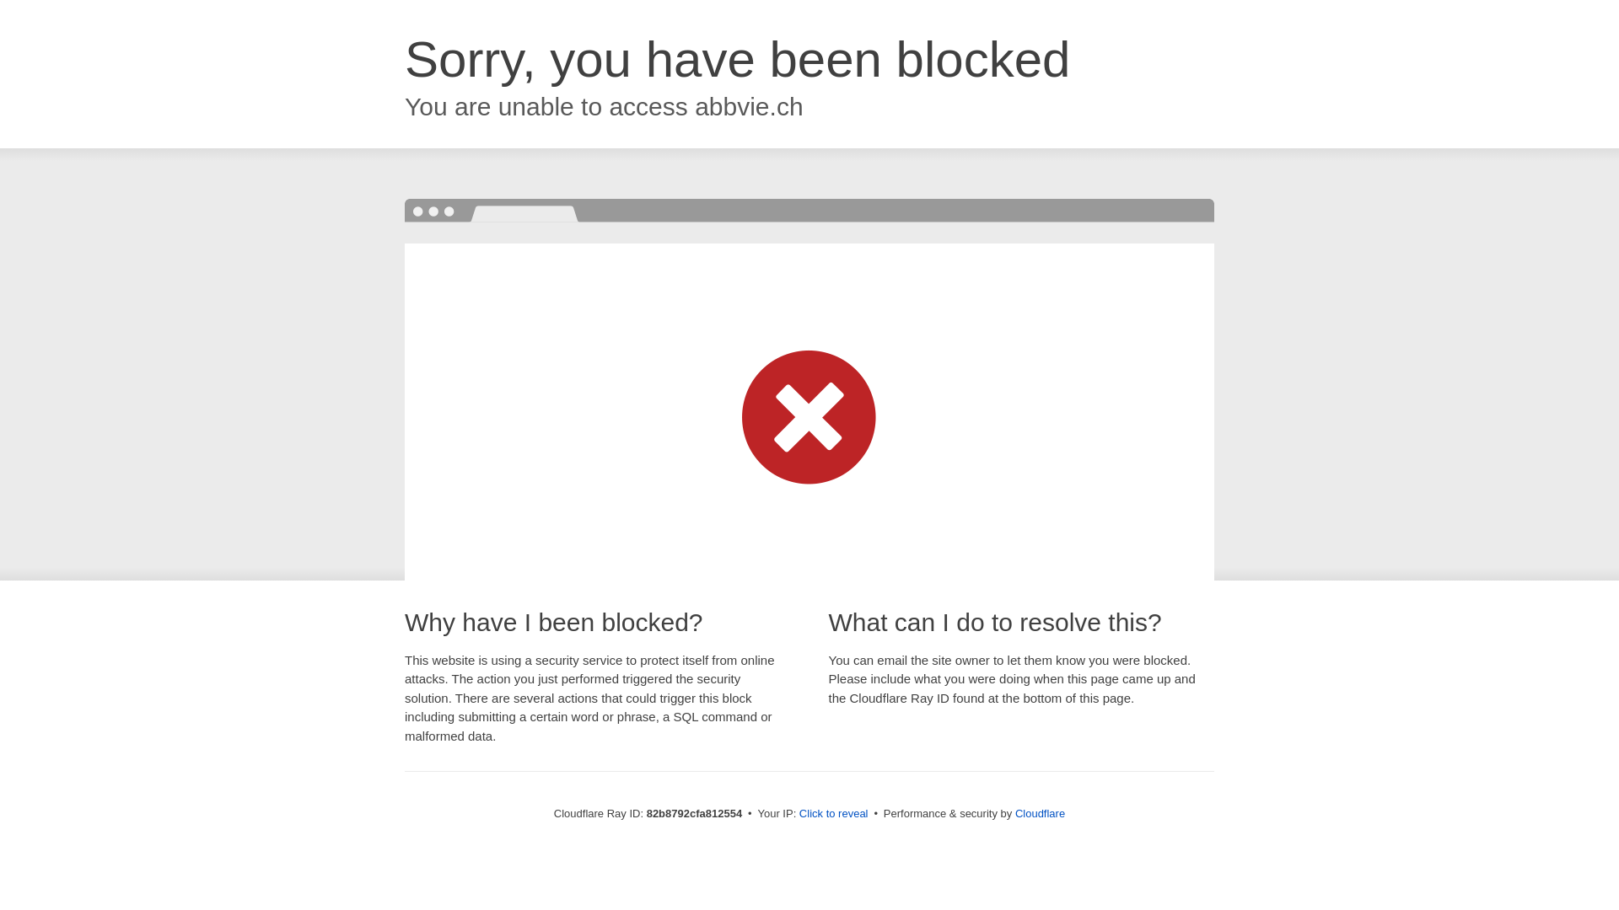  I want to click on 'Cloudflare', so click(1039, 812).